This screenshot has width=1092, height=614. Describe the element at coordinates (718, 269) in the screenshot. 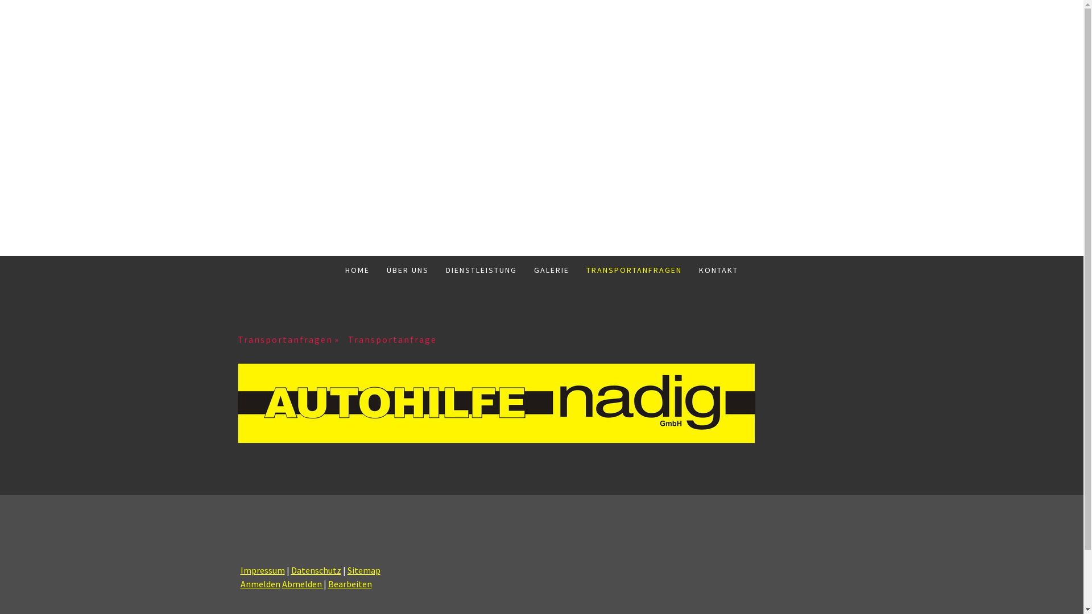

I see `'KONTAKT'` at that location.